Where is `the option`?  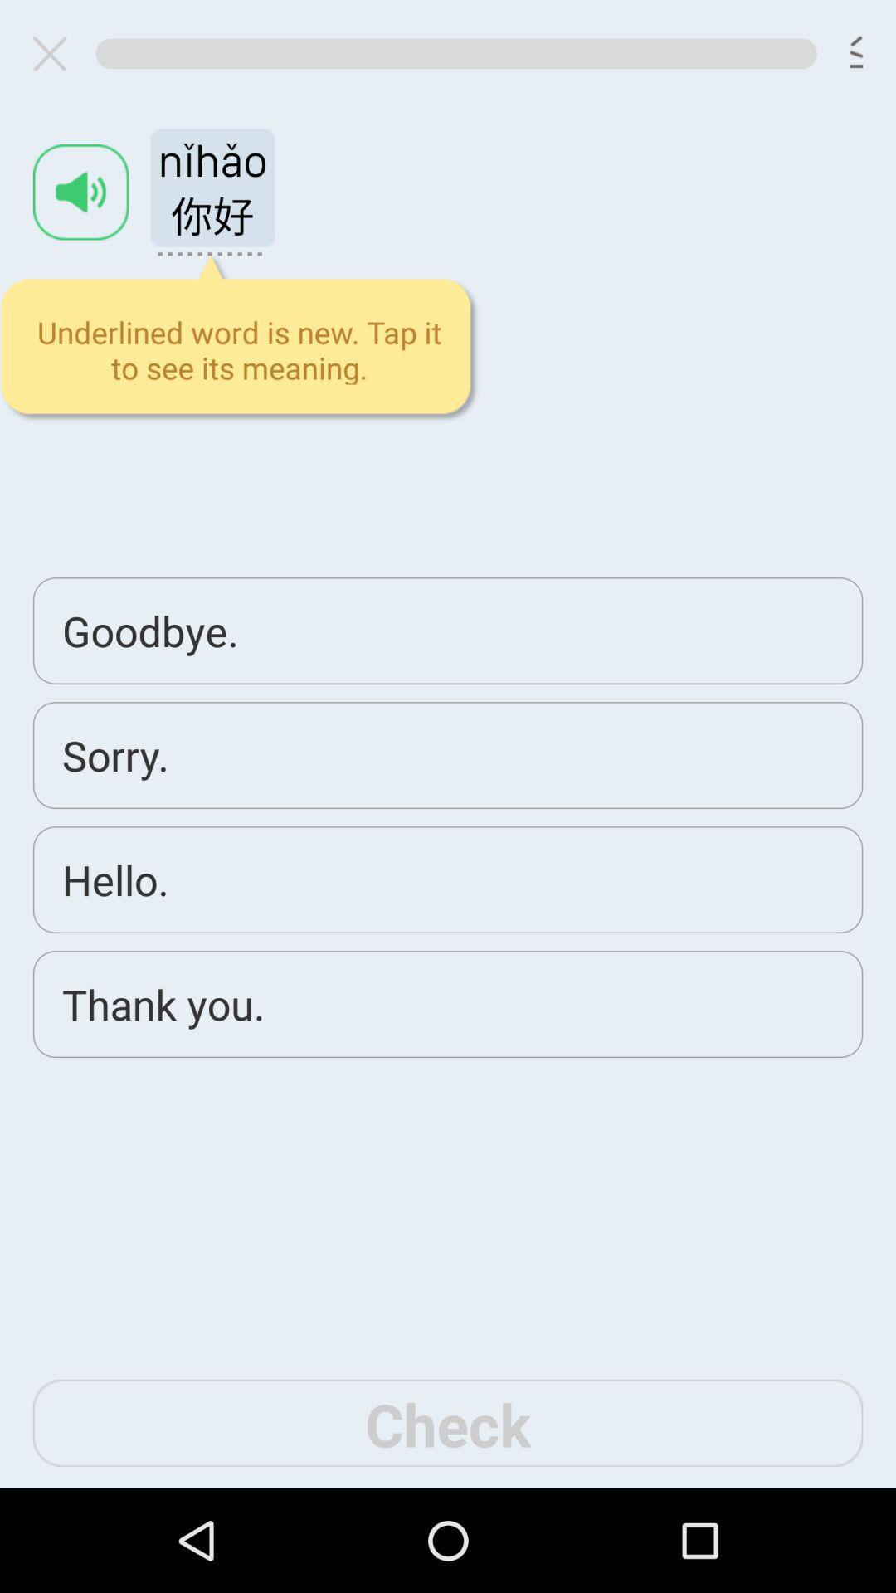
the option is located at coordinates (56, 53).